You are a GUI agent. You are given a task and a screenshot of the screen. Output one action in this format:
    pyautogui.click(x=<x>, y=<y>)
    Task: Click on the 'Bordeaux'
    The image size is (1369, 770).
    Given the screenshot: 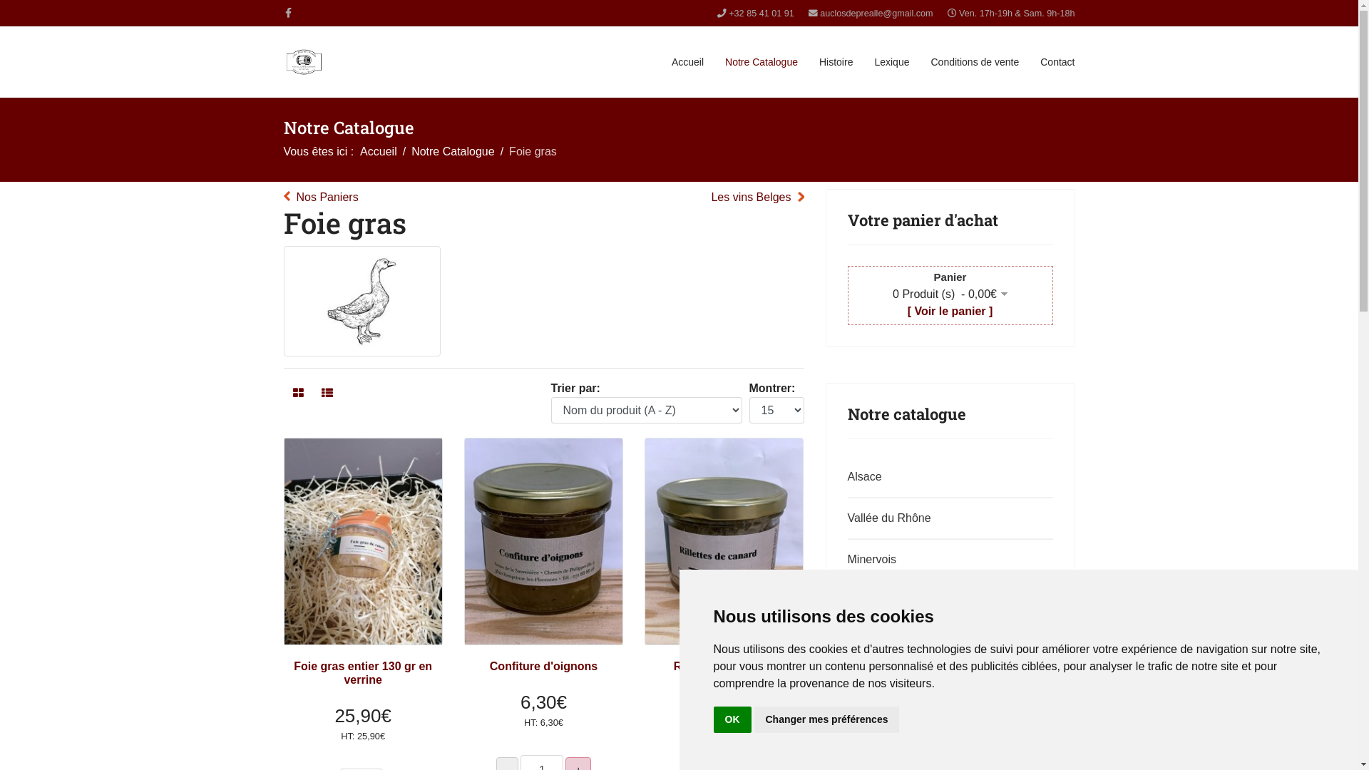 What is the action you would take?
    pyautogui.click(x=947, y=725)
    